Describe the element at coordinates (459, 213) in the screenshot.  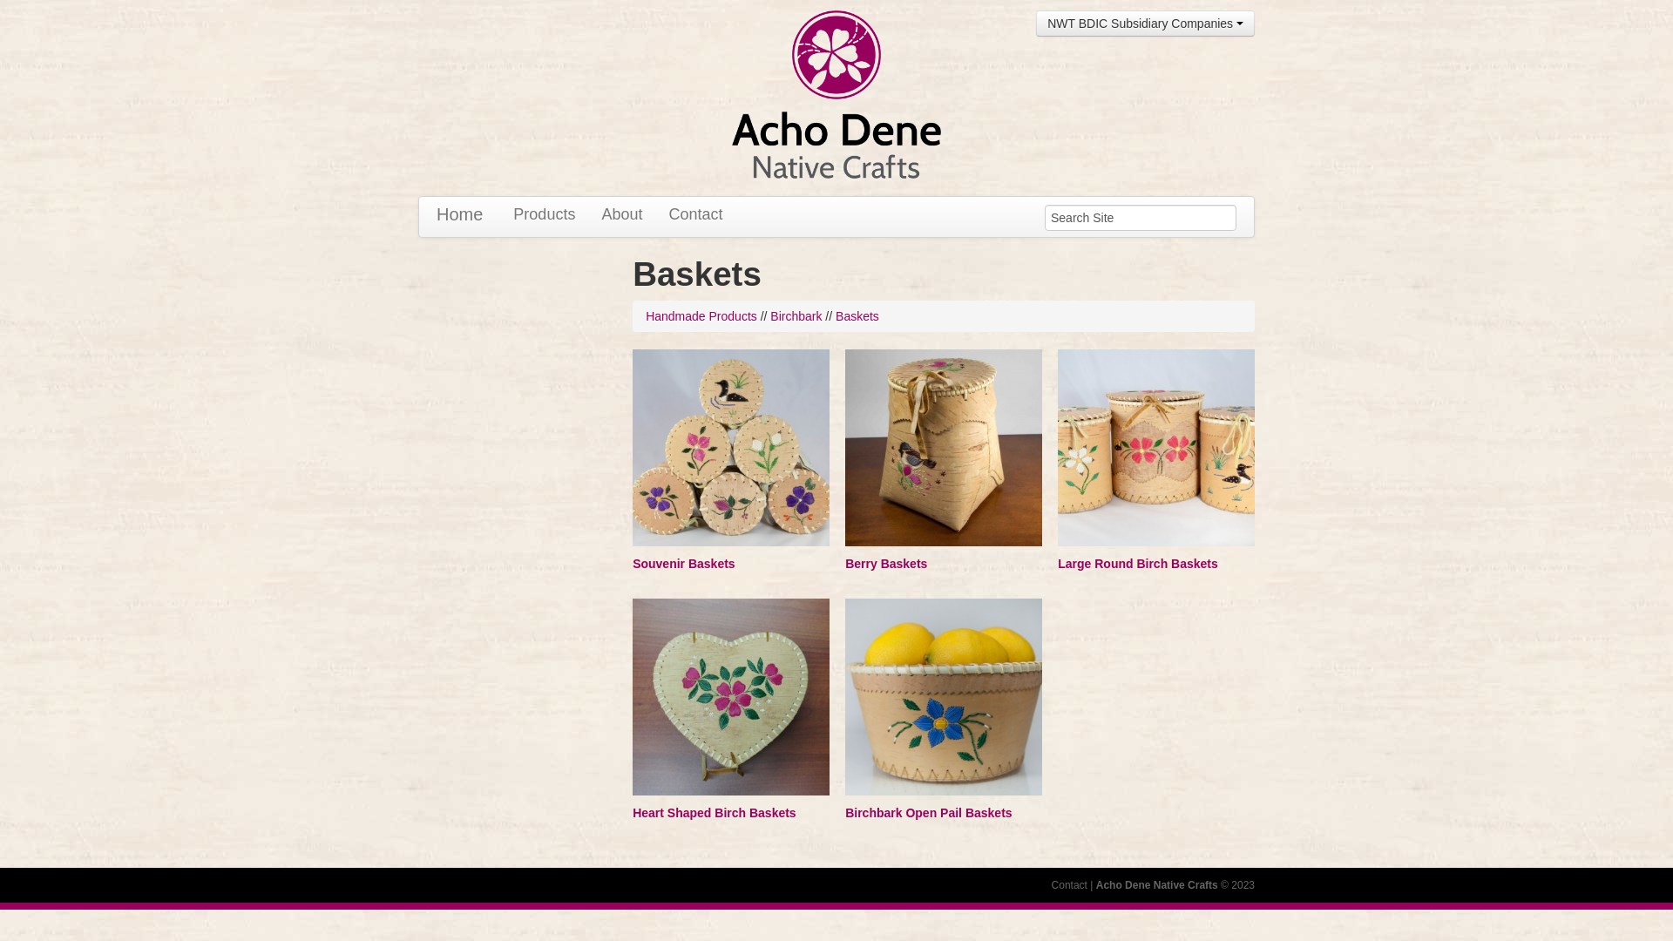
I see `'Home'` at that location.